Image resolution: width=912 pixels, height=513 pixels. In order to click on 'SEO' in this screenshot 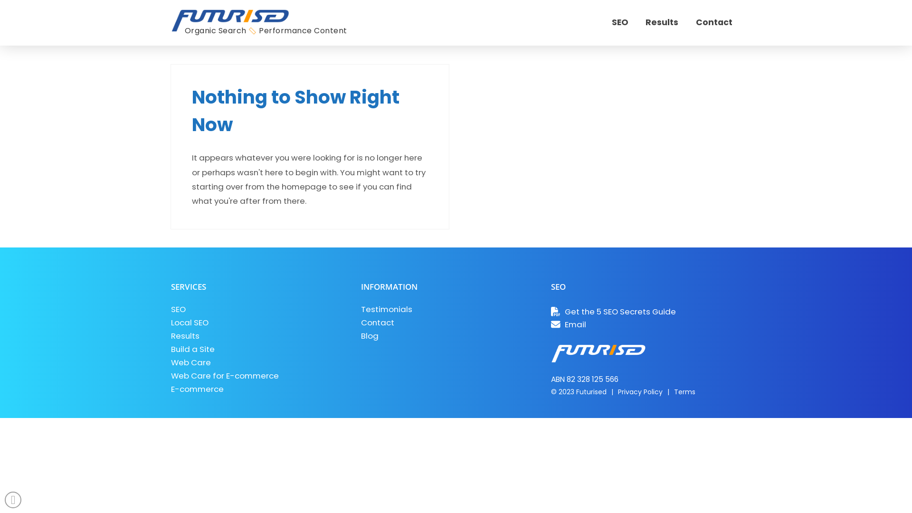, I will do `click(620, 22)`.